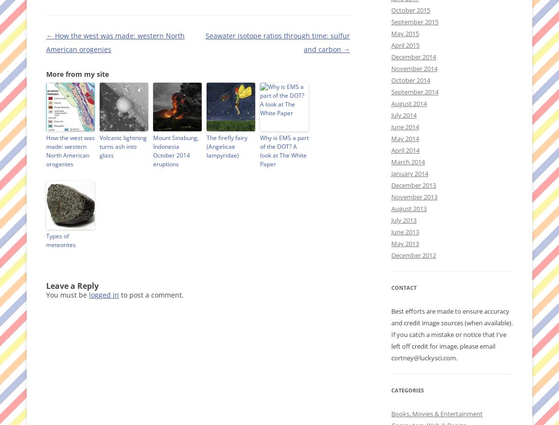  I want to click on 'Categories', so click(407, 390).